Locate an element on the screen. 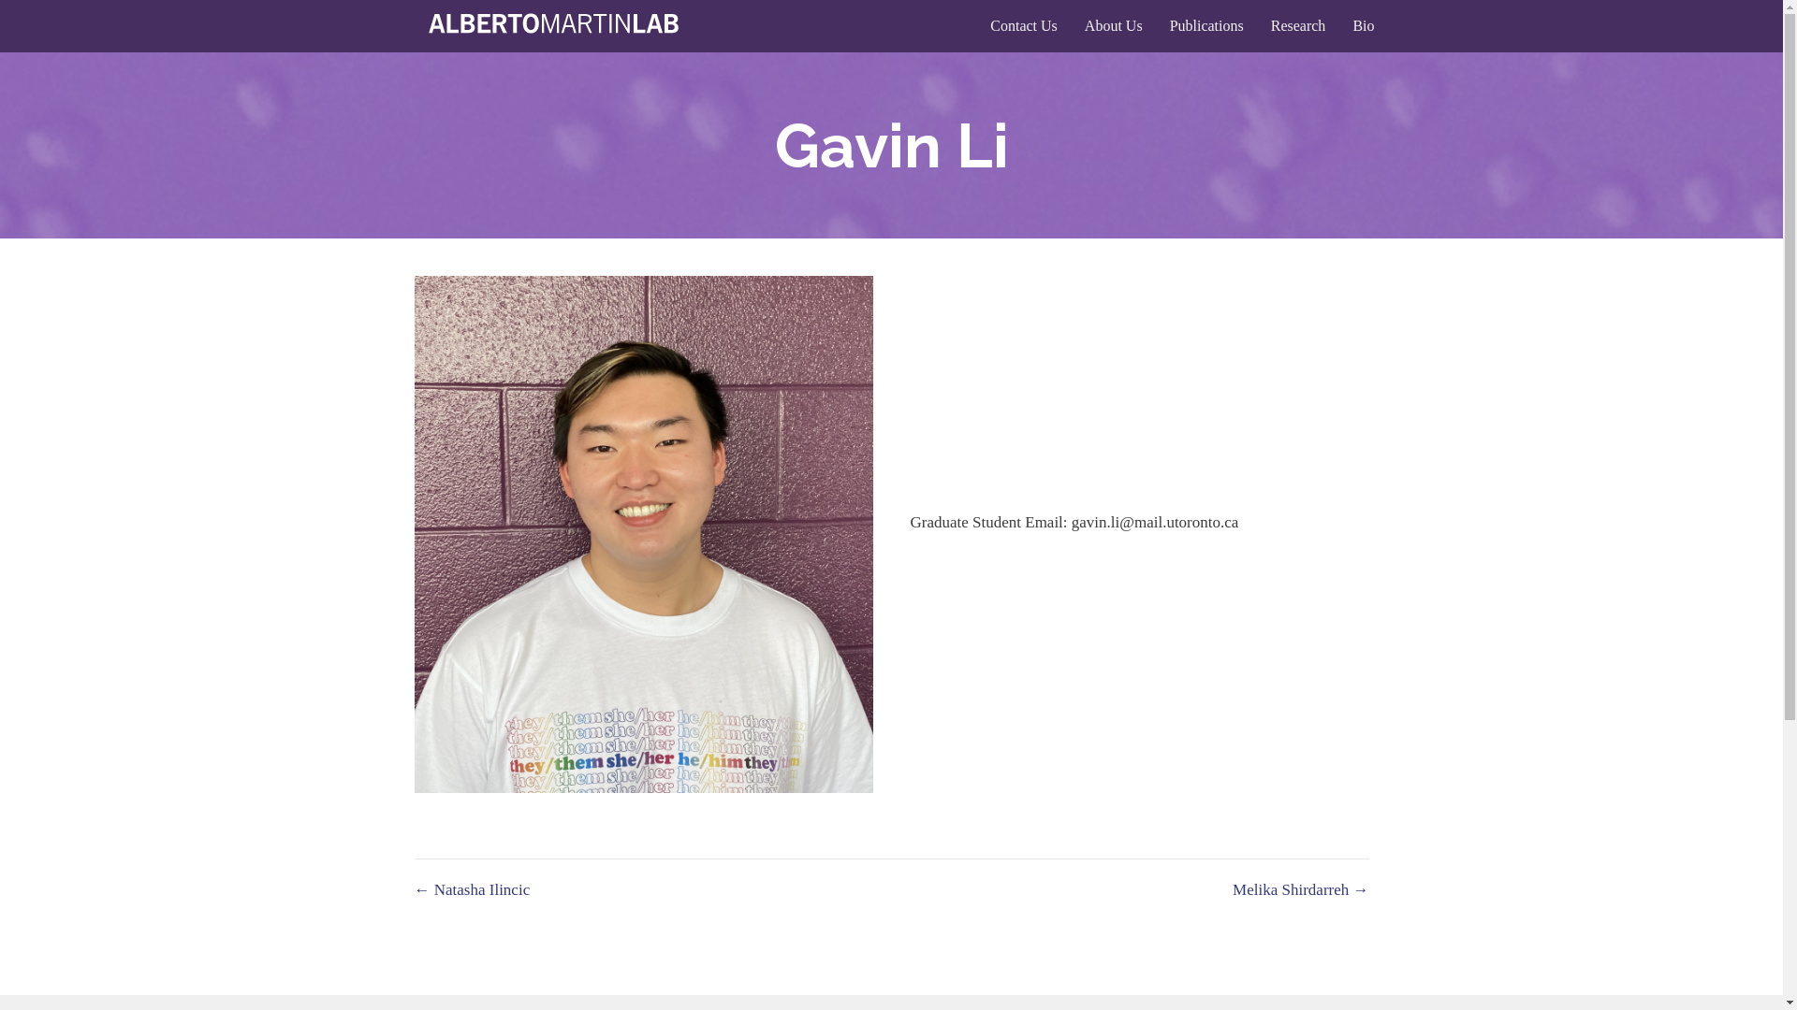  'Bio' is located at coordinates (1363, 25).